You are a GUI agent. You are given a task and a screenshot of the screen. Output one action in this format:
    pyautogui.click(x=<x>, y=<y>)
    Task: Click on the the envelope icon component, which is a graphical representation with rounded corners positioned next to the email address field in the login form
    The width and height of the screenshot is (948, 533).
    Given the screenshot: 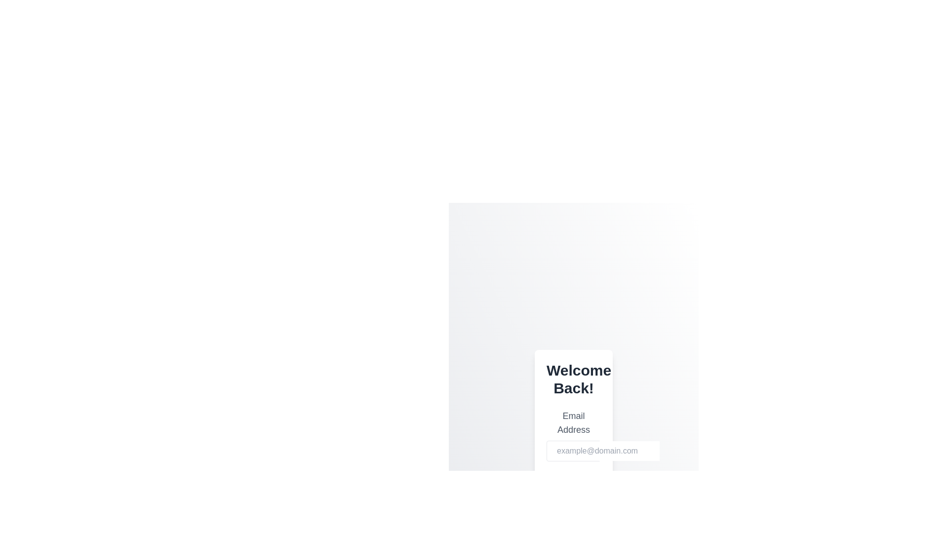 What is the action you would take?
    pyautogui.click(x=559, y=452)
    